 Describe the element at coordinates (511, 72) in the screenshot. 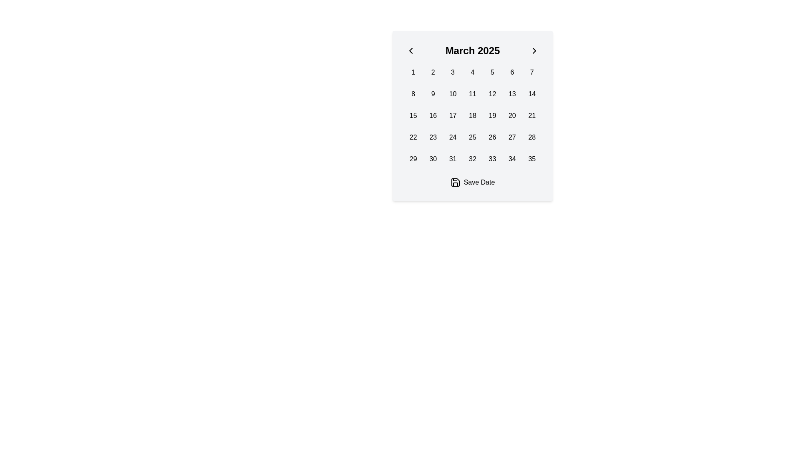

I see `the button representing the date '6' on the calendar` at that location.